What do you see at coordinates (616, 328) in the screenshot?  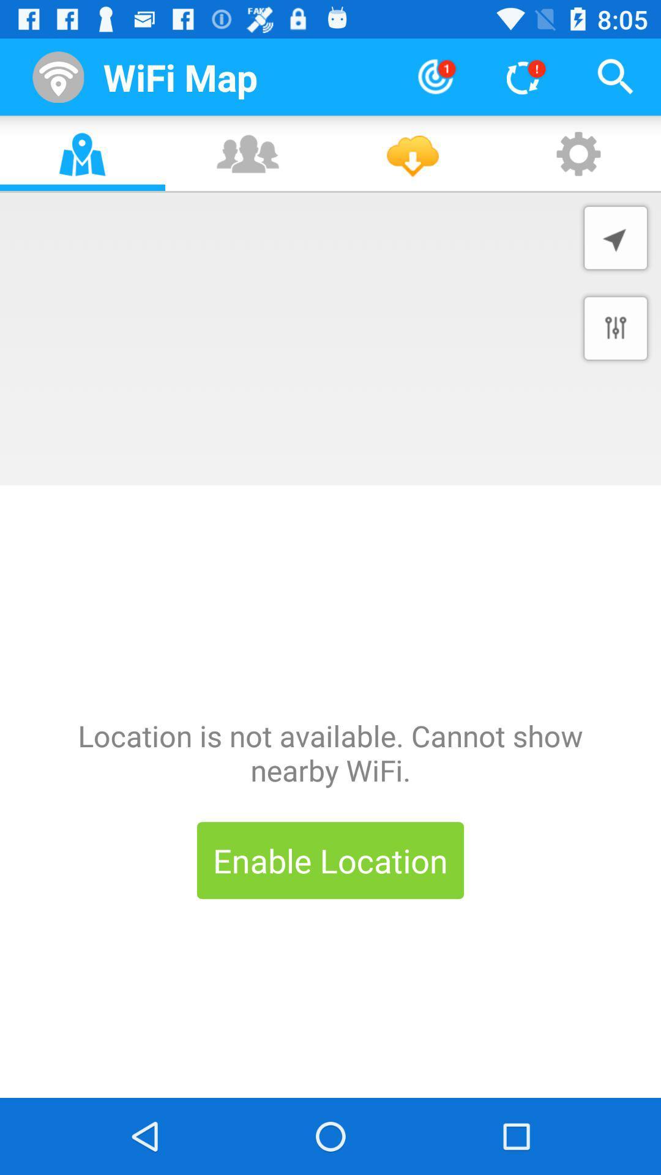 I see `icon above location is not item` at bounding box center [616, 328].